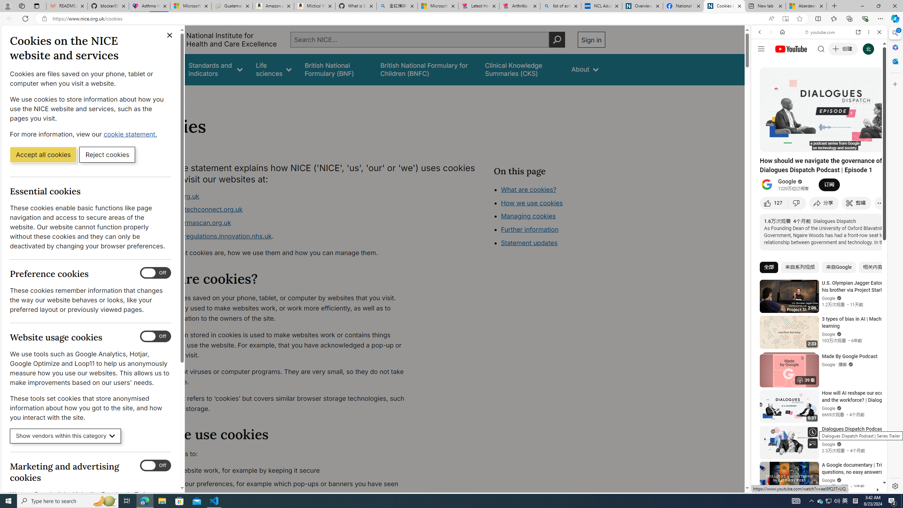 The width and height of the screenshot is (903, 508). Describe the element at coordinates (816, 468) in the screenshot. I see `'you'` at that location.